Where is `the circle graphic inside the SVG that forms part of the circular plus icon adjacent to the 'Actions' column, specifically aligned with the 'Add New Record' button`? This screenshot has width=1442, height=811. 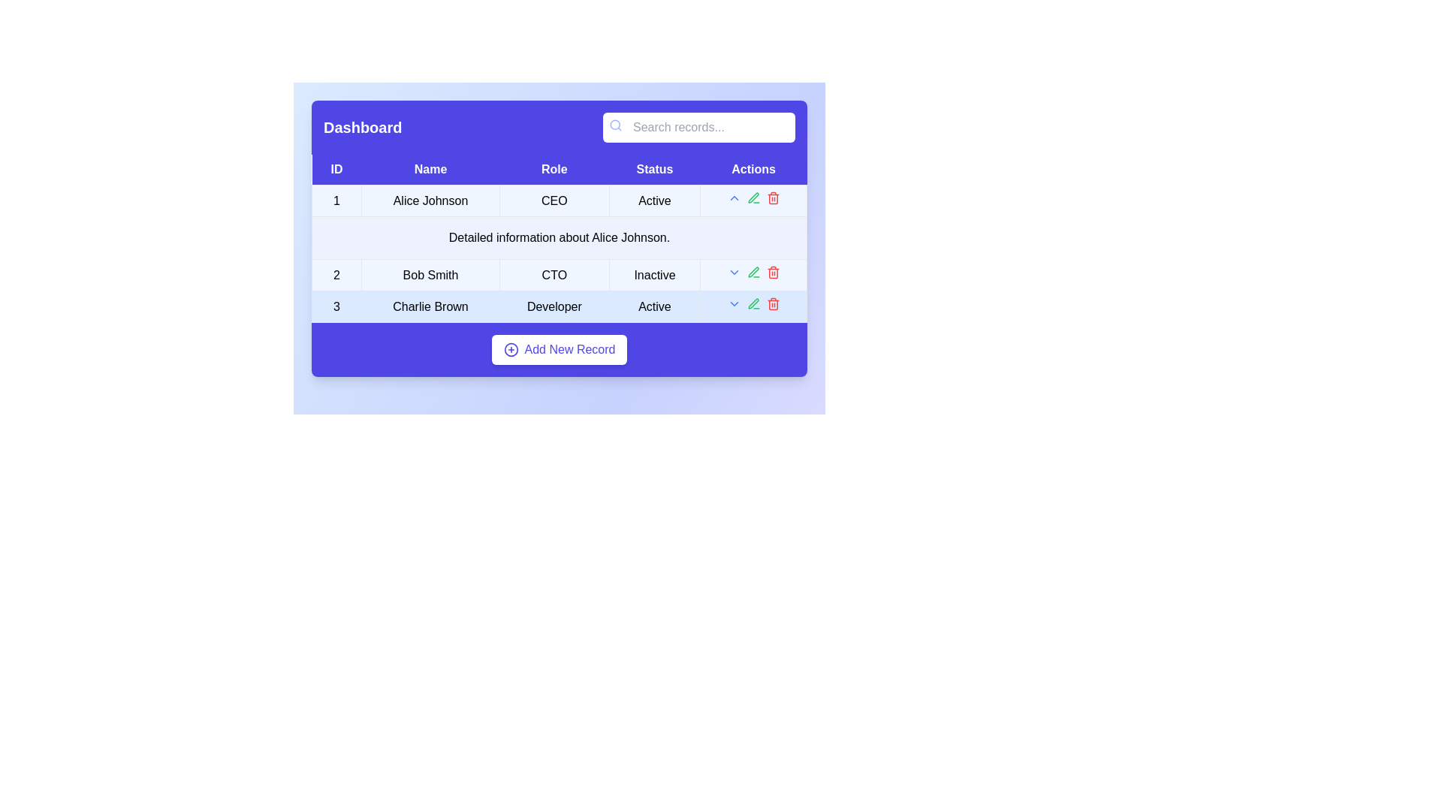
the circle graphic inside the SVG that forms part of the circular plus icon adjacent to the 'Actions' column, specifically aligned with the 'Add New Record' button is located at coordinates (511, 350).